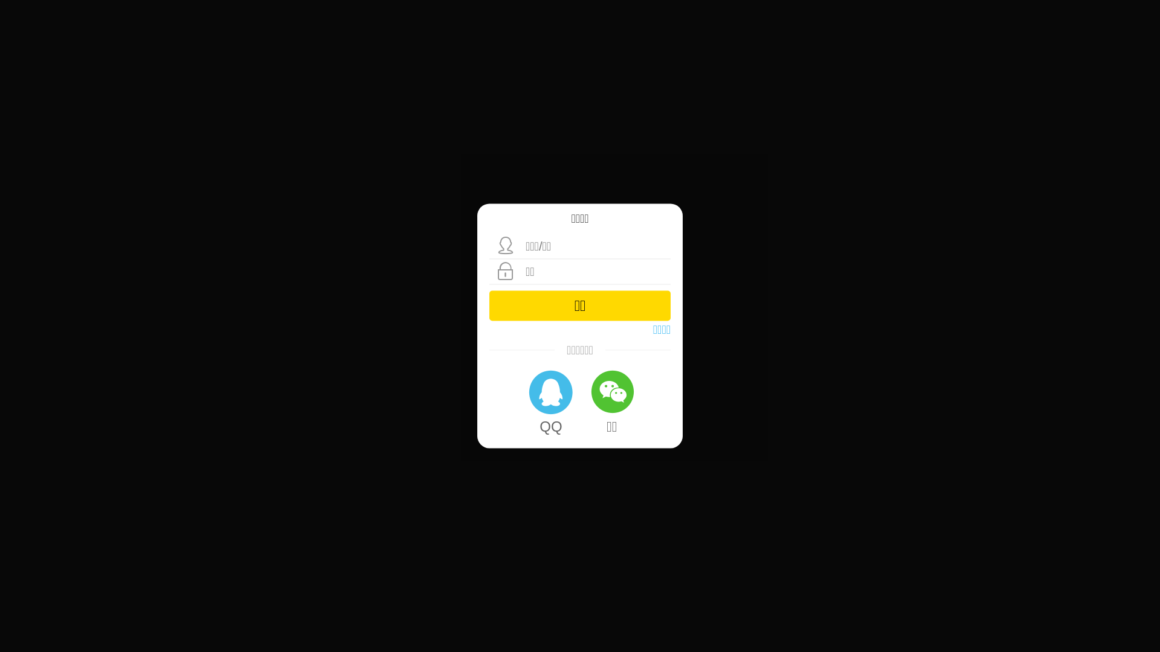 The image size is (1160, 652). I want to click on 'QQ', so click(550, 401).